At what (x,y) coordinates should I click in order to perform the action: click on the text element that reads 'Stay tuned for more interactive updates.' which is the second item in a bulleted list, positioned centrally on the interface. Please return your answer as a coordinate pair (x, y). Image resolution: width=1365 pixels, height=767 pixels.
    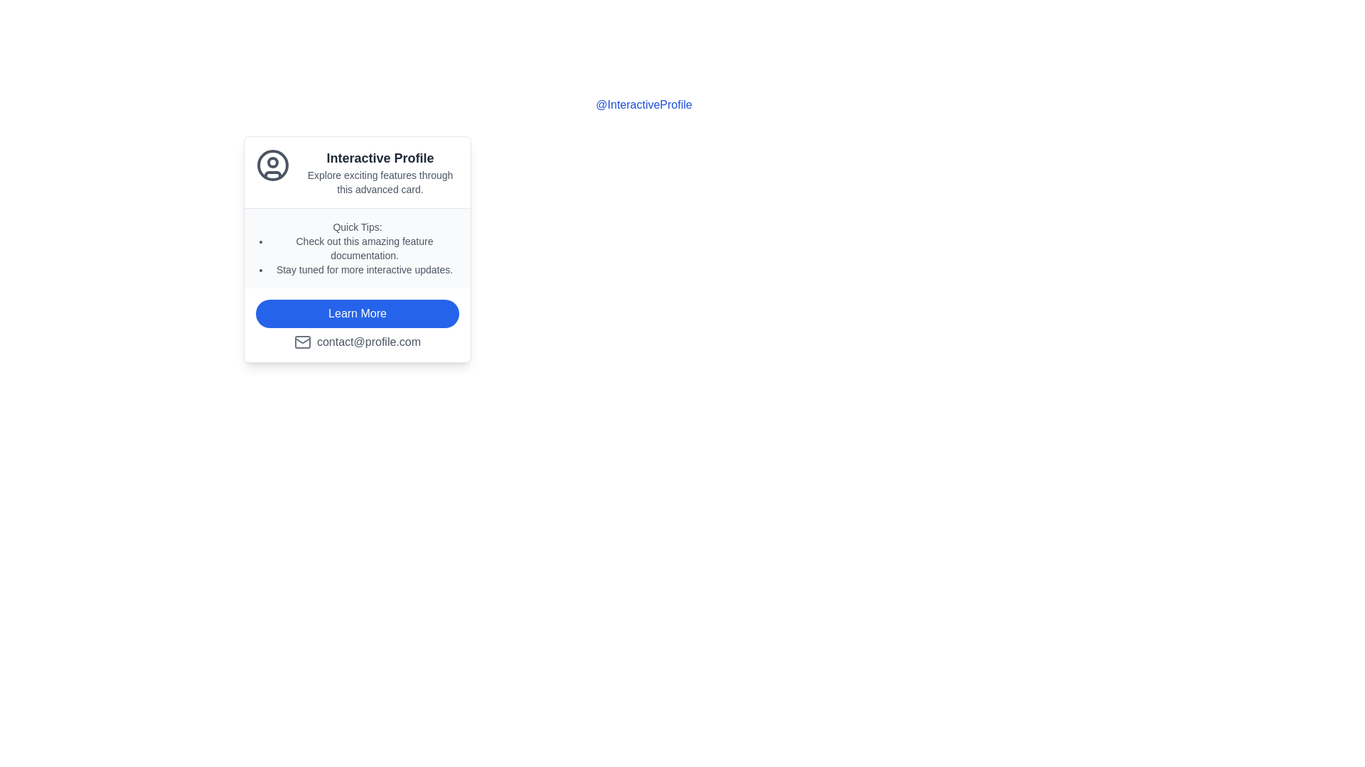
    Looking at the image, I should click on (365, 270).